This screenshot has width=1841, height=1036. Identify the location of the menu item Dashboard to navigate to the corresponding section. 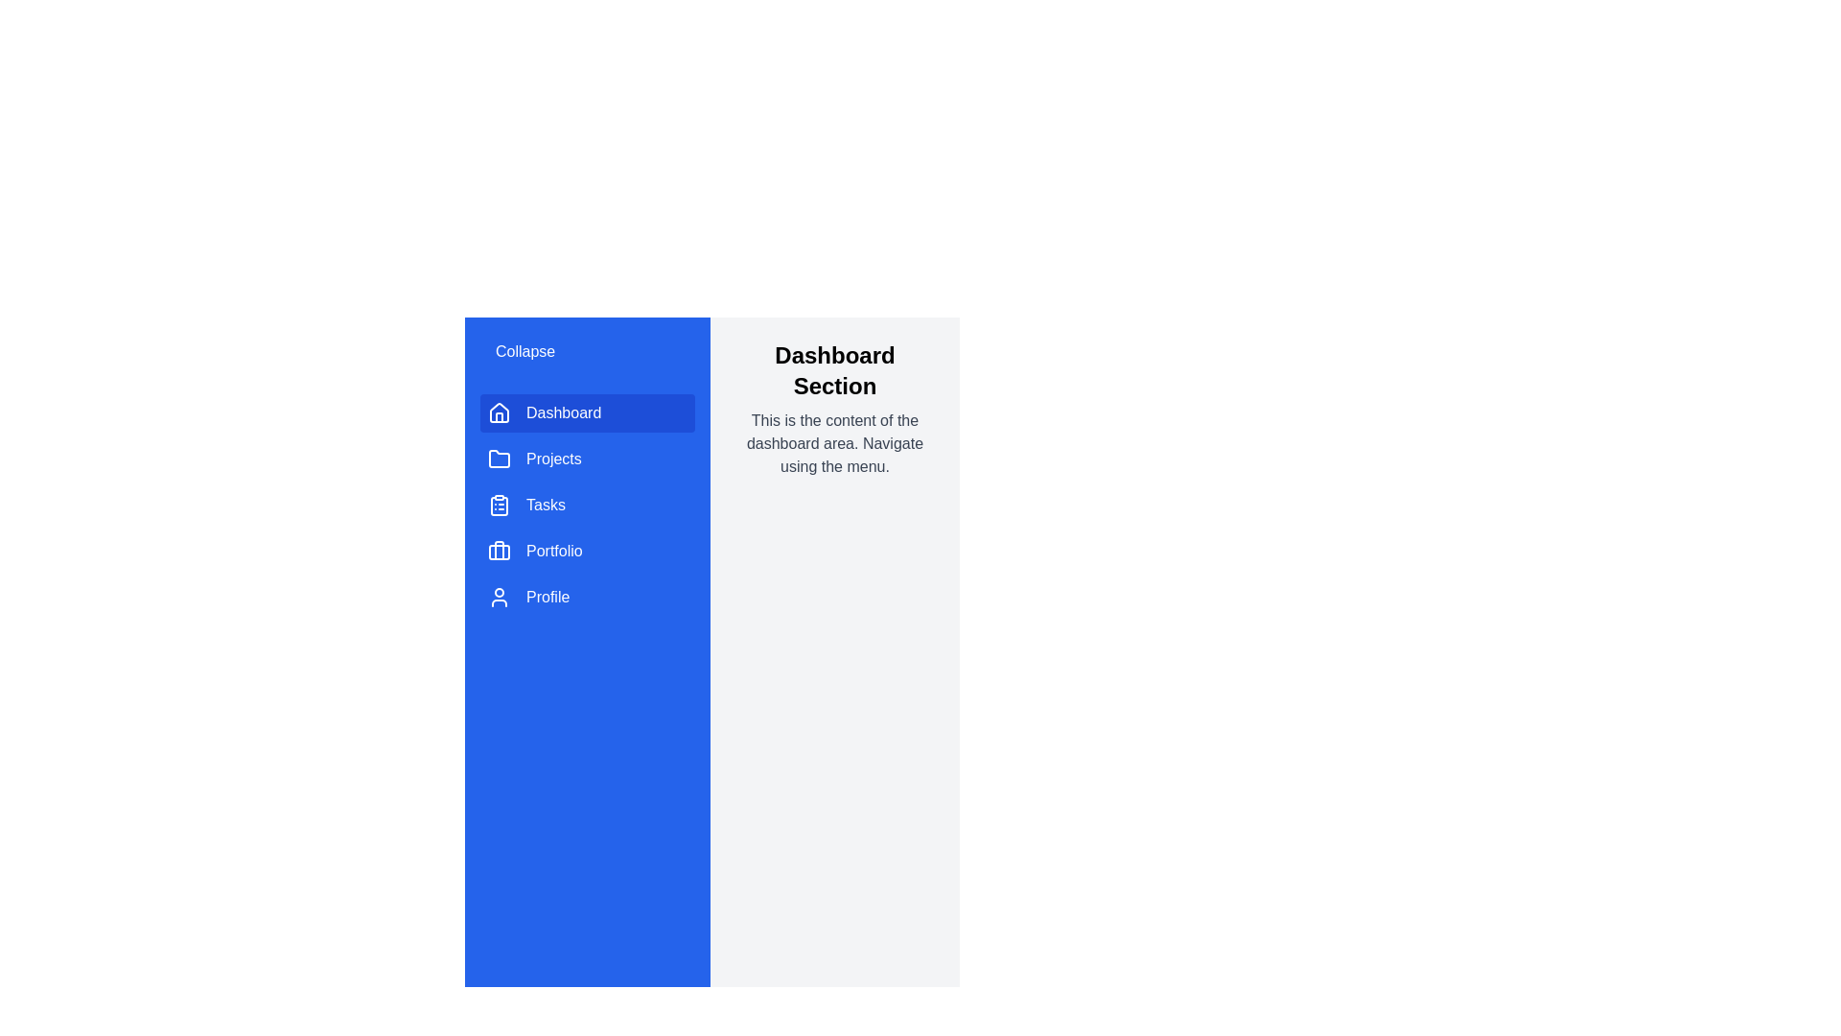
(587, 412).